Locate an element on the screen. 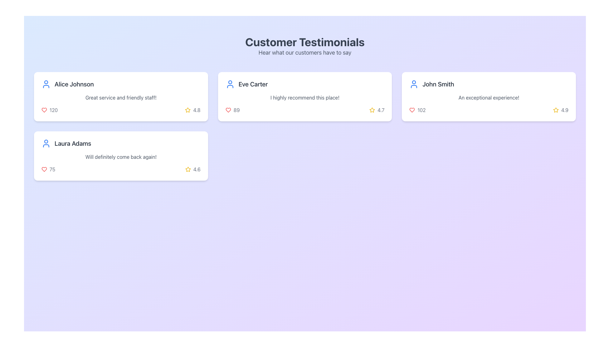 This screenshot has width=599, height=337. the human figure icon, which is part of the testimonial card for 'Eve Carter', located at the top-left area of the card is located at coordinates (230, 86).